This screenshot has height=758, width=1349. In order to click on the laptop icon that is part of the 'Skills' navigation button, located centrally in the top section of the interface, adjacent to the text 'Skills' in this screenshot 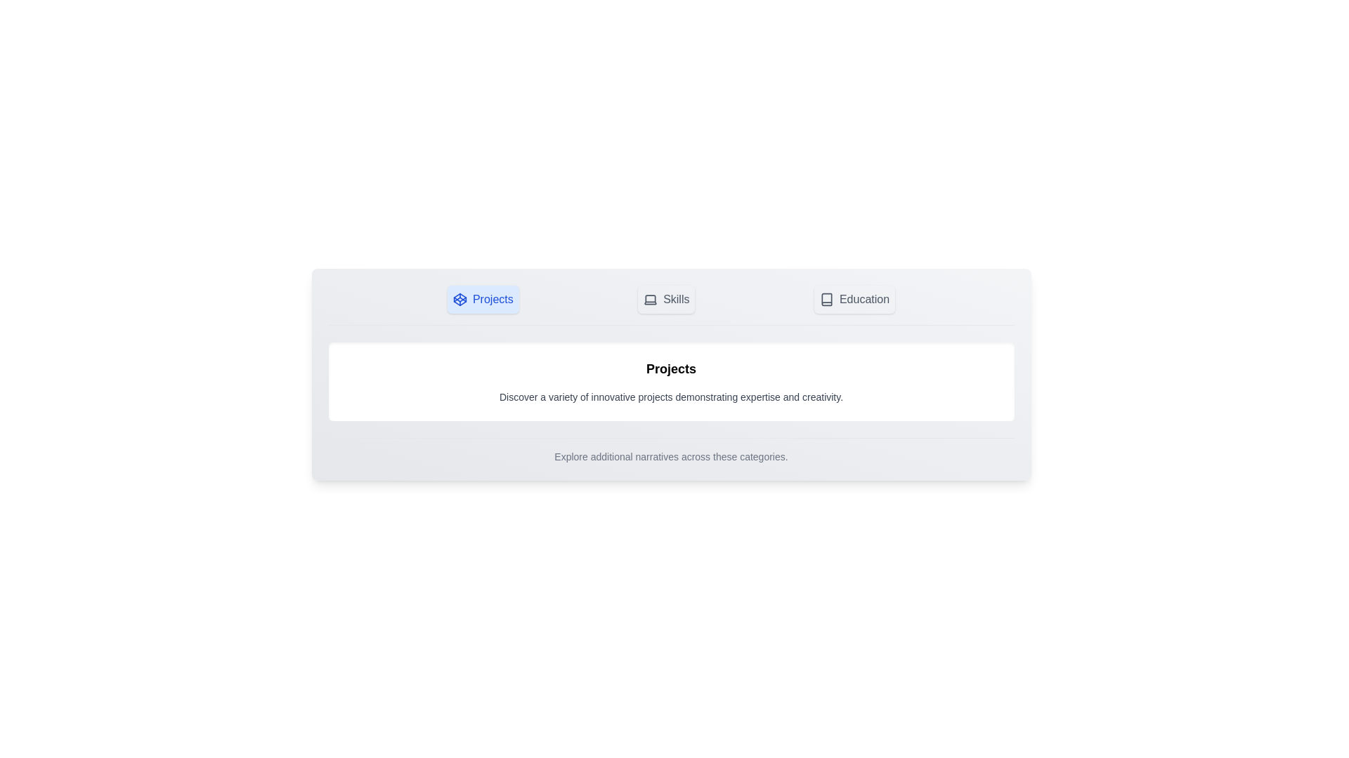, I will do `click(650, 299)`.